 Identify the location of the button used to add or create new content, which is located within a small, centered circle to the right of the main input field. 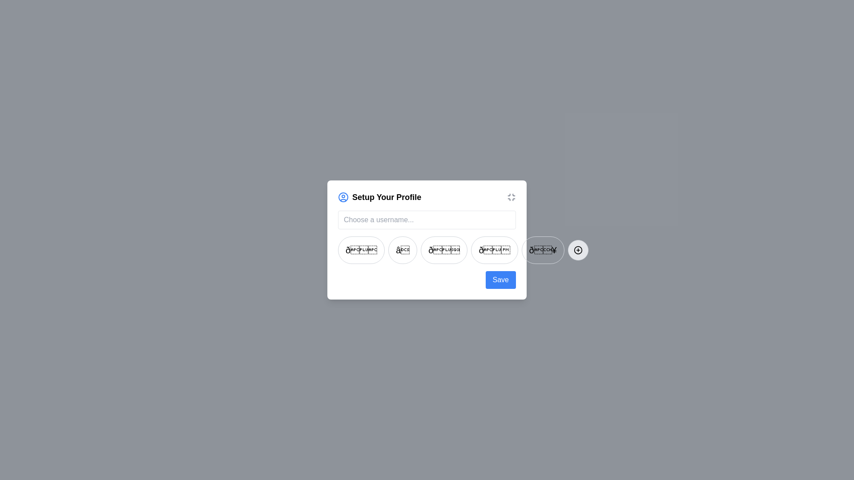
(578, 250).